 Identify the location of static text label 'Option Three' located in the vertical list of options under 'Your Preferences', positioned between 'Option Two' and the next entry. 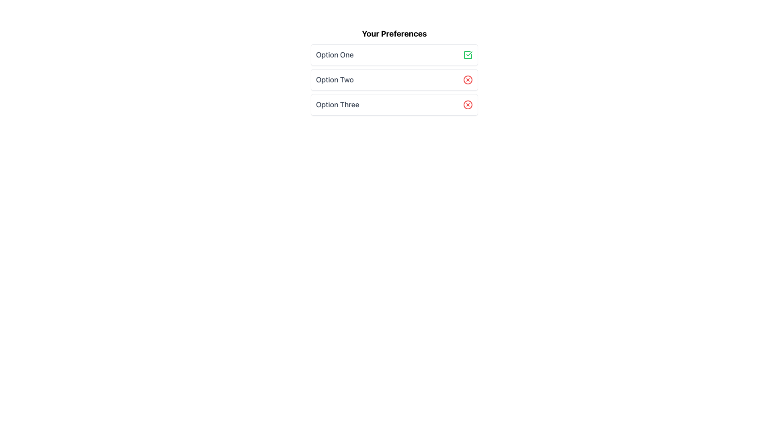
(337, 104).